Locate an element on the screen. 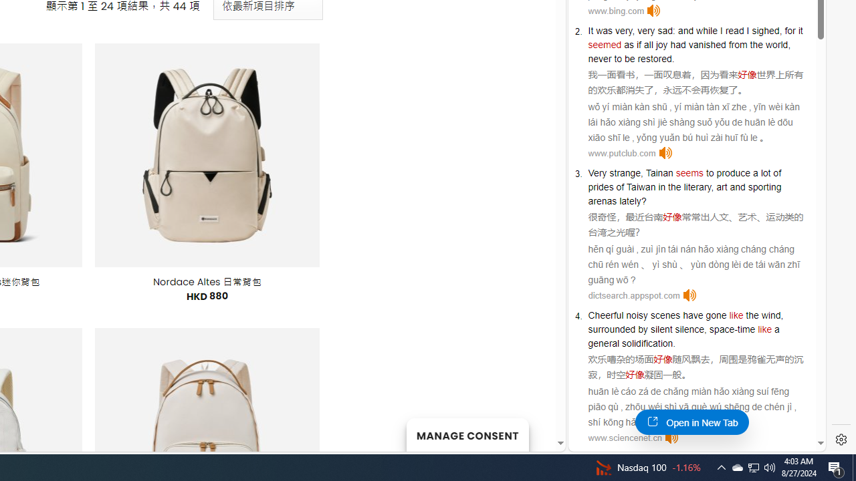 The image size is (856, 481). 'silent silence' is located at coordinates (677, 329).